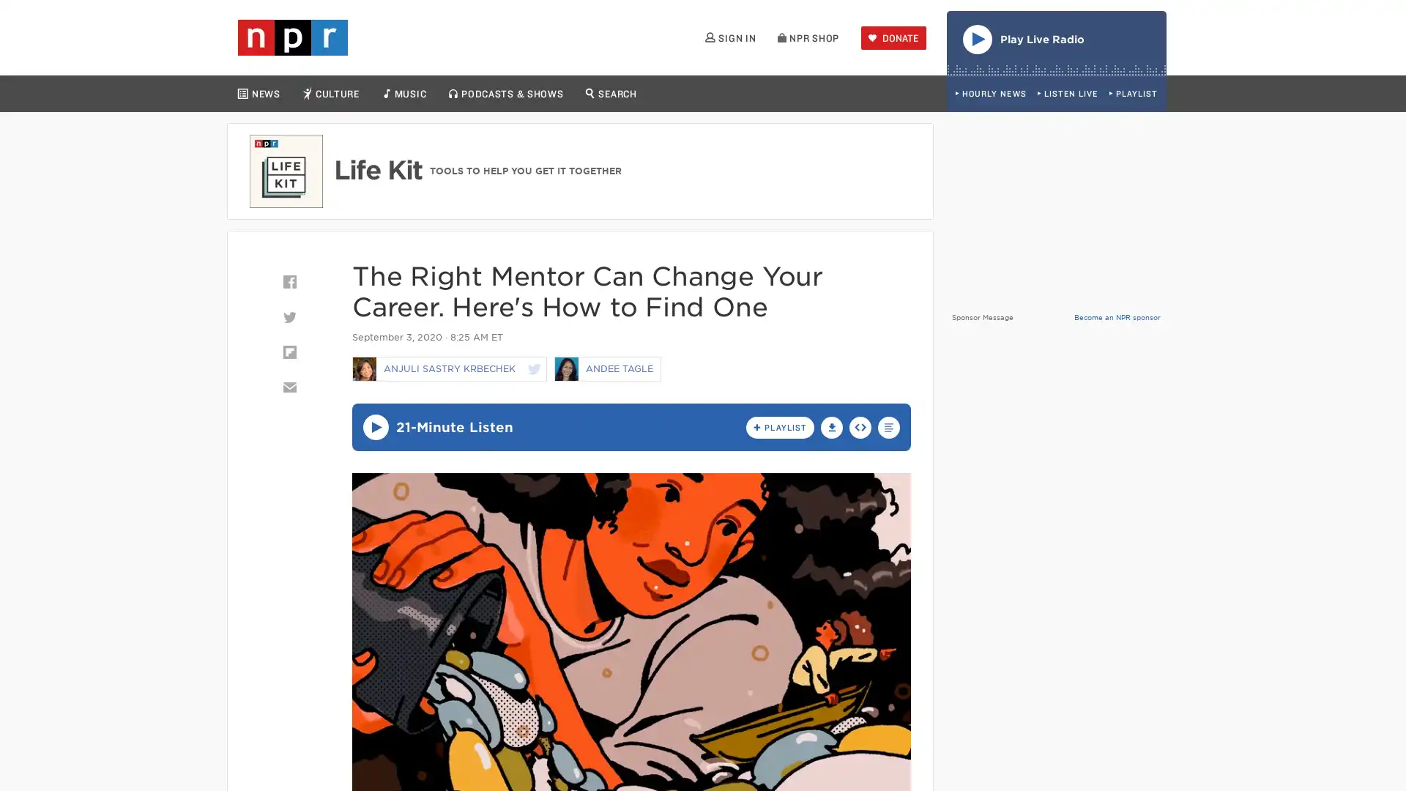 The image size is (1406, 791). What do you see at coordinates (1132, 94) in the screenshot?
I see `PLAYLIST` at bounding box center [1132, 94].